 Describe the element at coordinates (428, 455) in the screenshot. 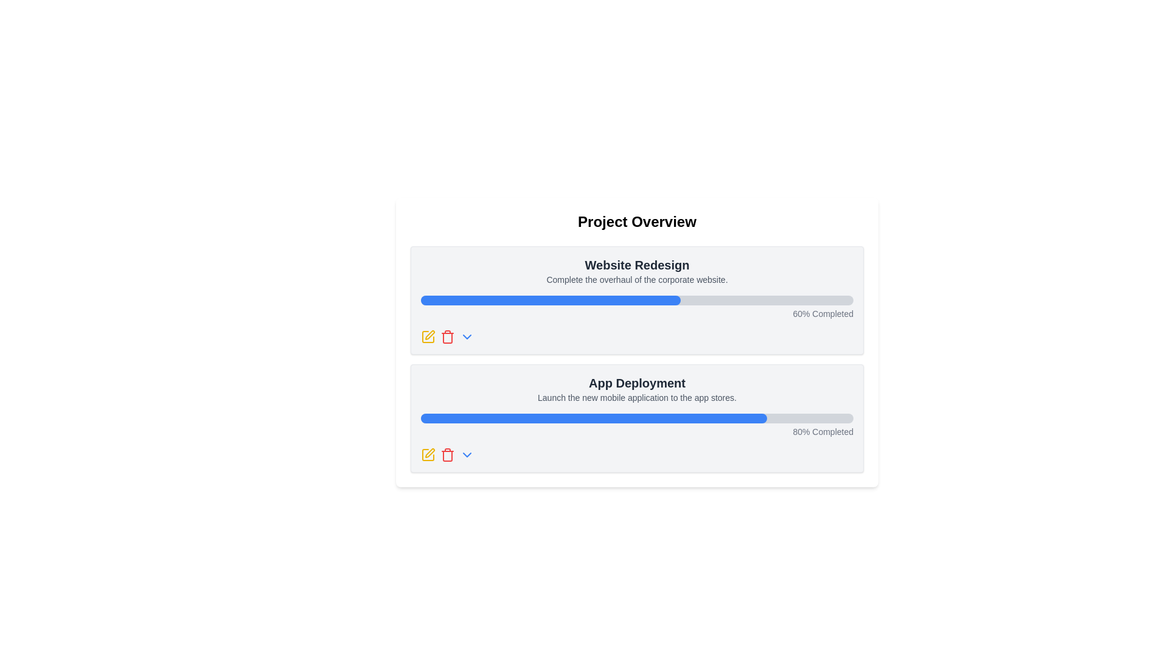

I see `the edit button icon located at the bottom right corner of the 'App Deployment' section` at that location.